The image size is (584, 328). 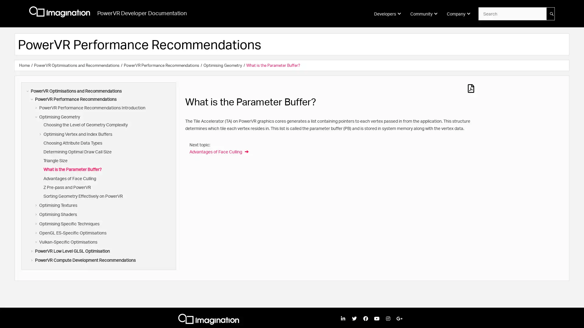 What do you see at coordinates (32, 99) in the screenshot?
I see `Collapse PowerVR Performance Recommendations` at bounding box center [32, 99].